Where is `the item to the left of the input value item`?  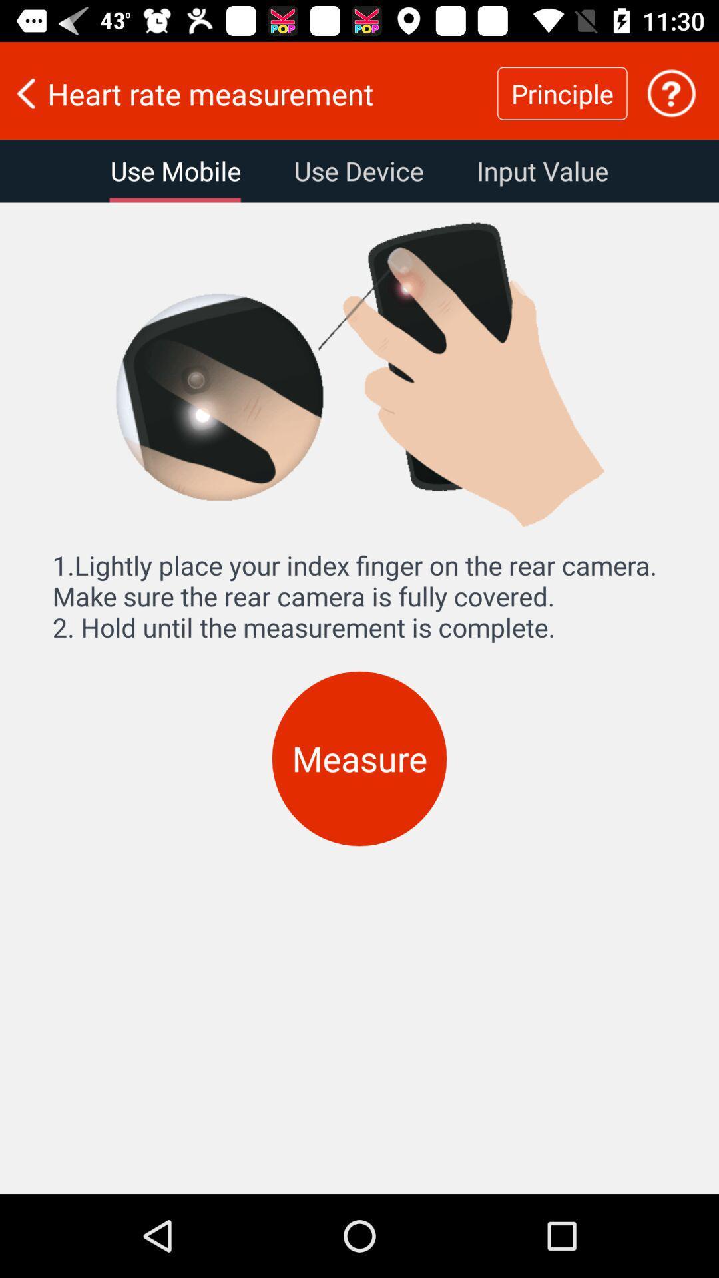
the item to the left of the input value item is located at coordinates (358, 170).